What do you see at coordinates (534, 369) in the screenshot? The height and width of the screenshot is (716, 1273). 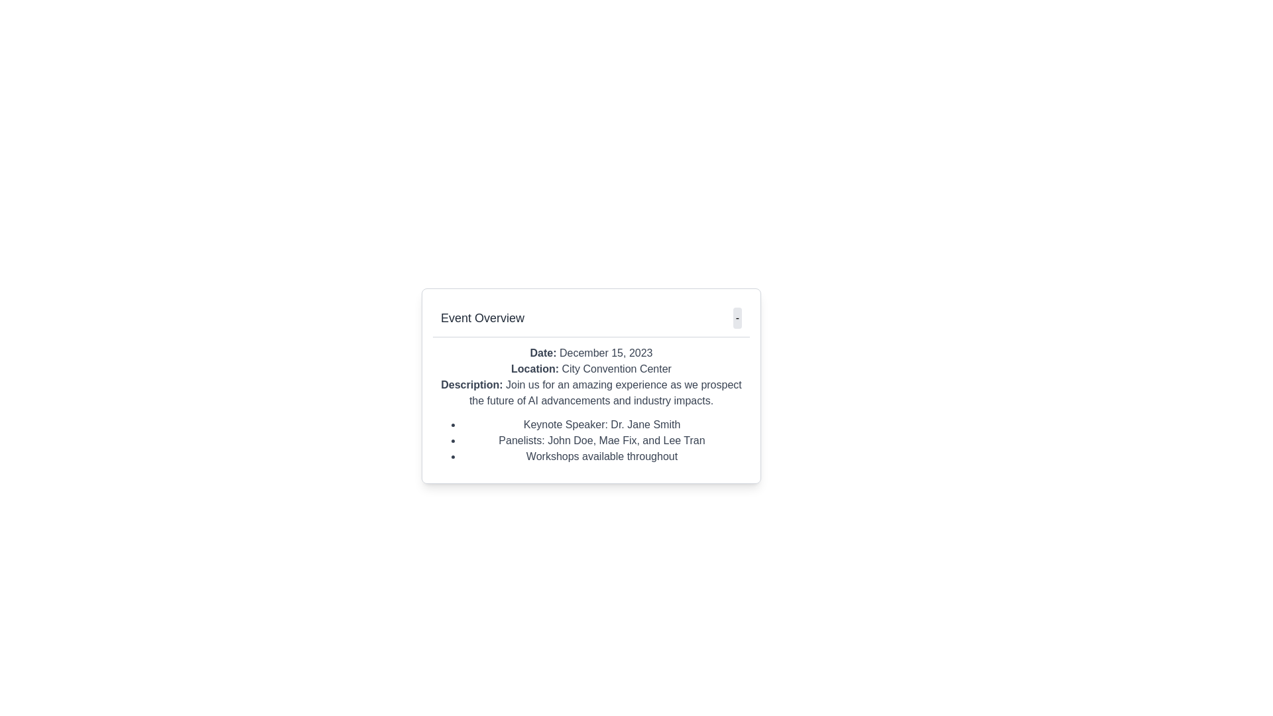 I see `text label that displays 'Location:' in bold and dark font, located in the 'Event Overview' section, positioned below the 'Date:' field` at bounding box center [534, 369].